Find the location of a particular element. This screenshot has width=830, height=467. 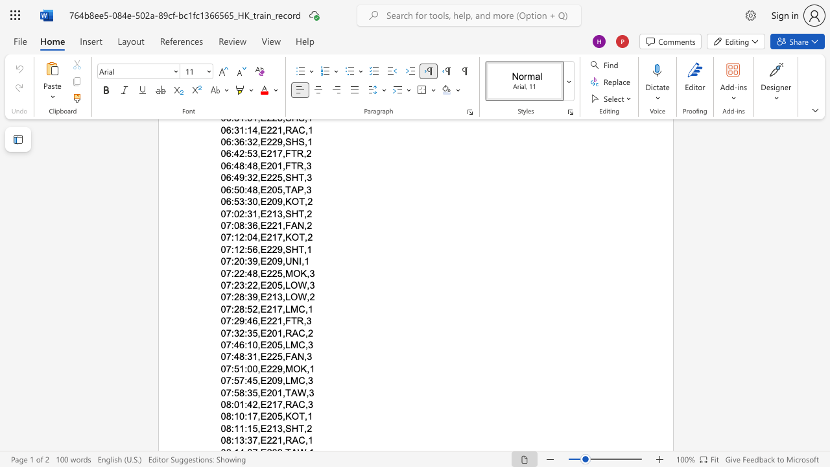

the subset text "1,F" within the text "07:29:46,E221,FTR,3" is located at coordinates (276, 321).